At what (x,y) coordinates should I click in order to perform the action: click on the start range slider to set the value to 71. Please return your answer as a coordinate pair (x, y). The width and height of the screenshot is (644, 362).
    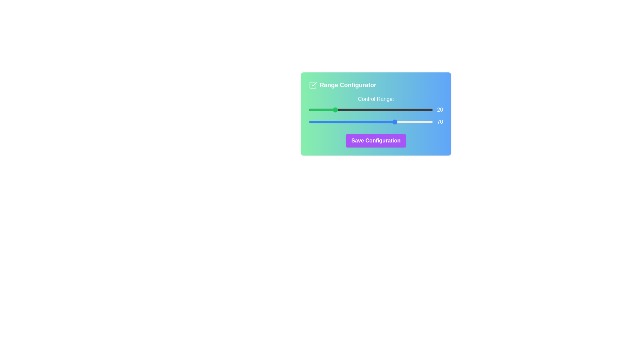
    Looking at the image, I should click on (397, 109).